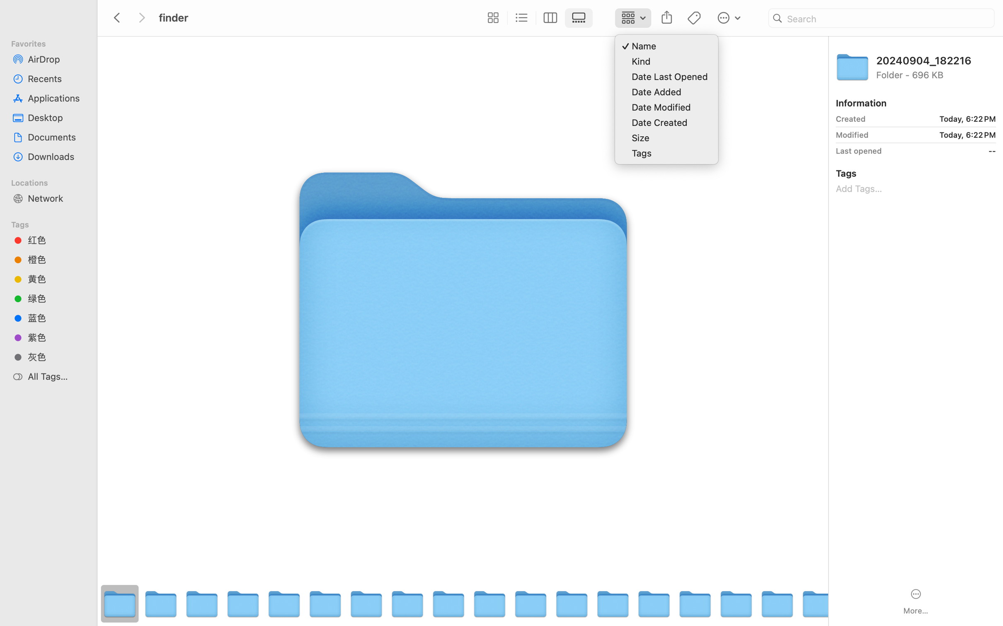 Image resolution: width=1003 pixels, height=626 pixels. What do you see at coordinates (56, 259) in the screenshot?
I see `'橙色'` at bounding box center [56, 259].